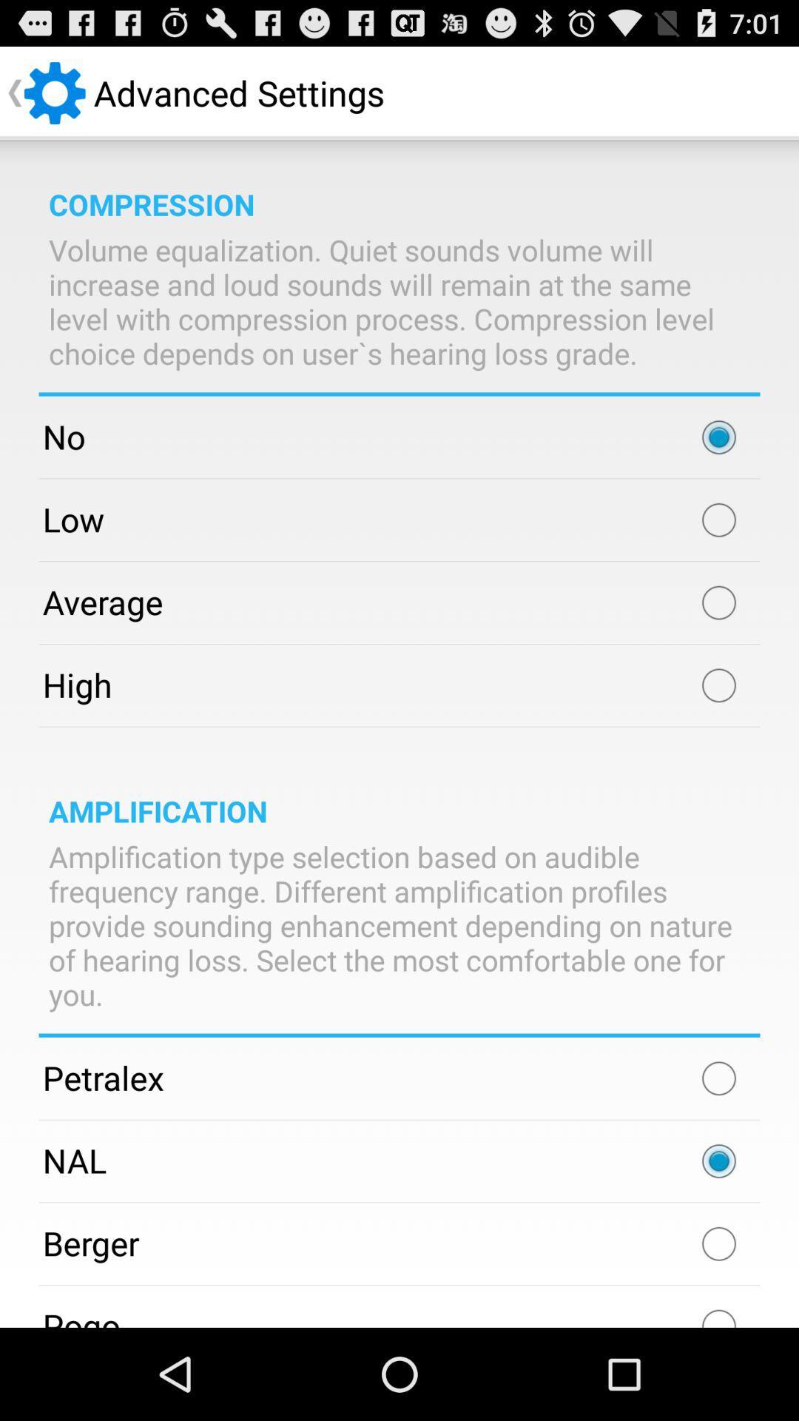 Image resolution: width=799 pixels, height=1421 pixels. What do you see at coordinates (718, 1078) in the screenshot?
I see `petralex` at bounding box center [718, 1078].